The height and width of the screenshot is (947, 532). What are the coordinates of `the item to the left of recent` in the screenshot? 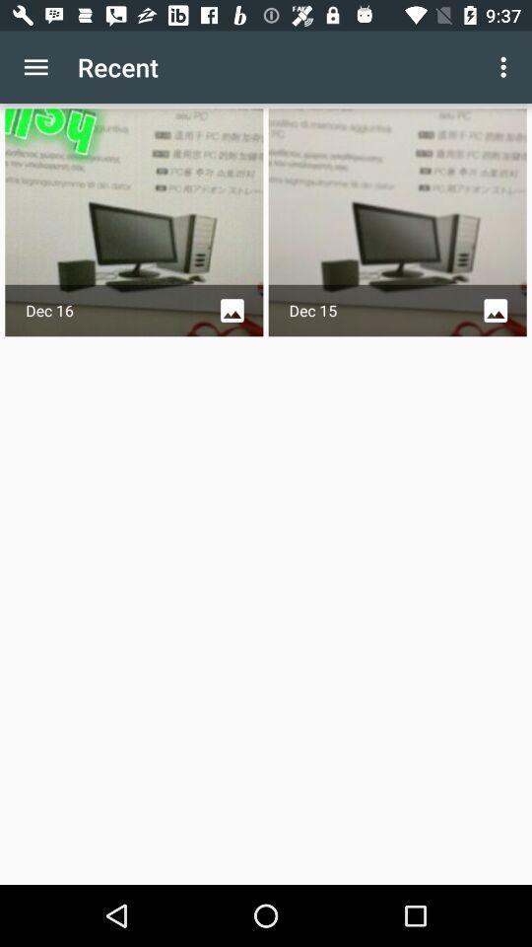 It's located at (35, 67).